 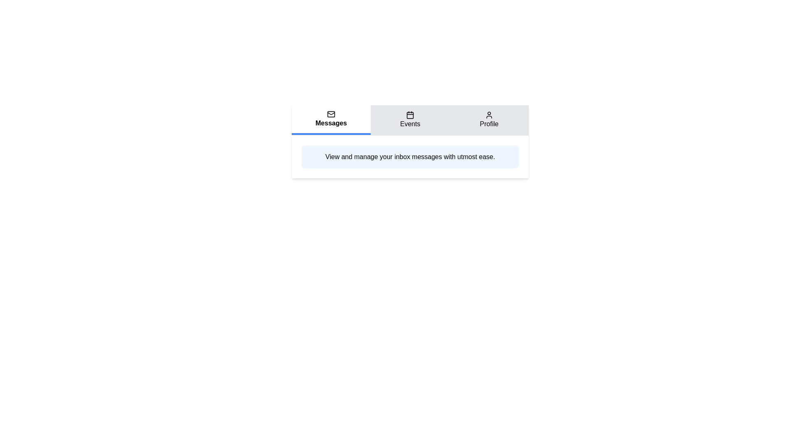 What do you see at coordinates (489, 120) in the screenshot?
I see `the Profile tab by clicking on its title or icon` at bounding box center [489, 120].